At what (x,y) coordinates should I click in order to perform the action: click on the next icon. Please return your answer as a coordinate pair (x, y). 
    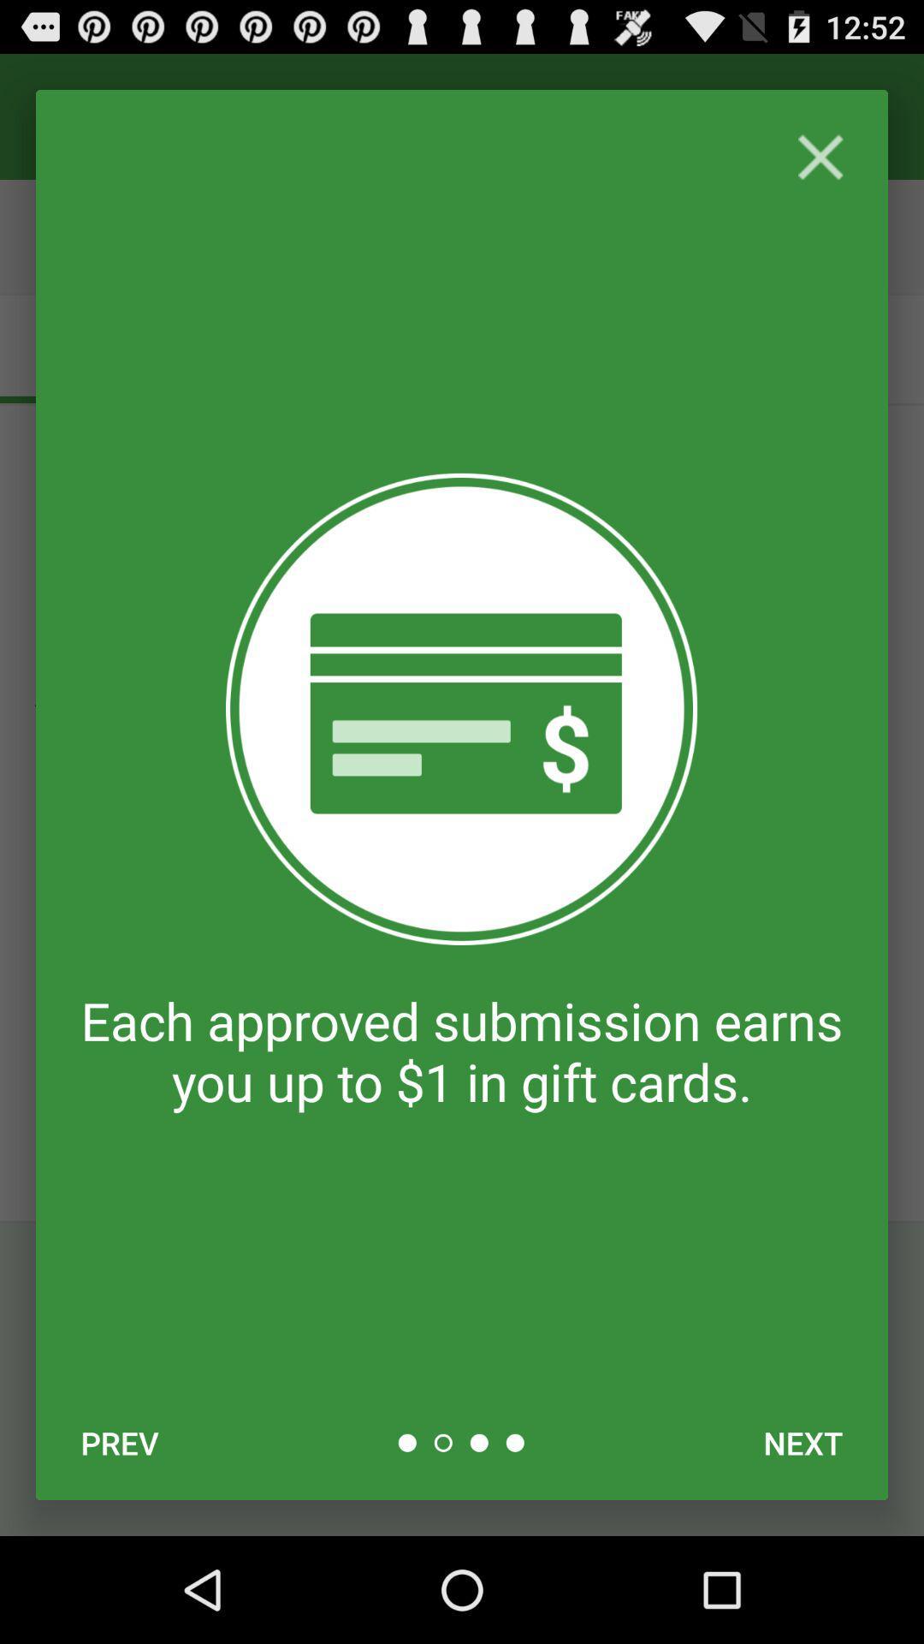
    Looking at the image, I should click on (803, 1442).